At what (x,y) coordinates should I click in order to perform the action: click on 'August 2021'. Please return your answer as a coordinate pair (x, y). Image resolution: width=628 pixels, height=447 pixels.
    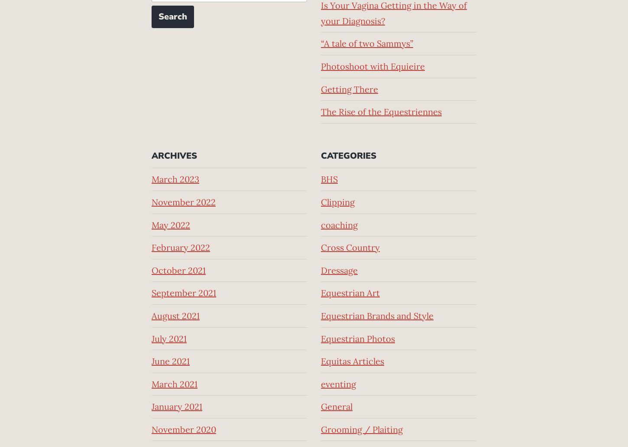
    Looking at the image, I should click on (175, 315).